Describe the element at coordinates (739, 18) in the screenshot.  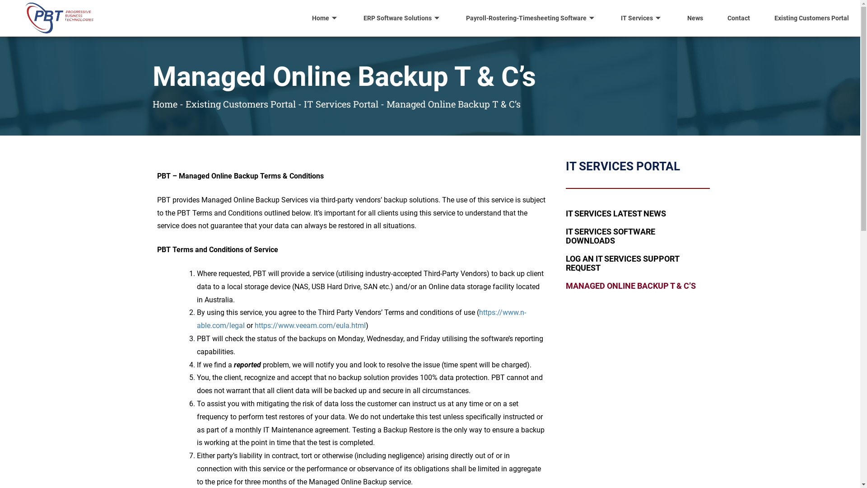
I see `'Contact'` at that location.